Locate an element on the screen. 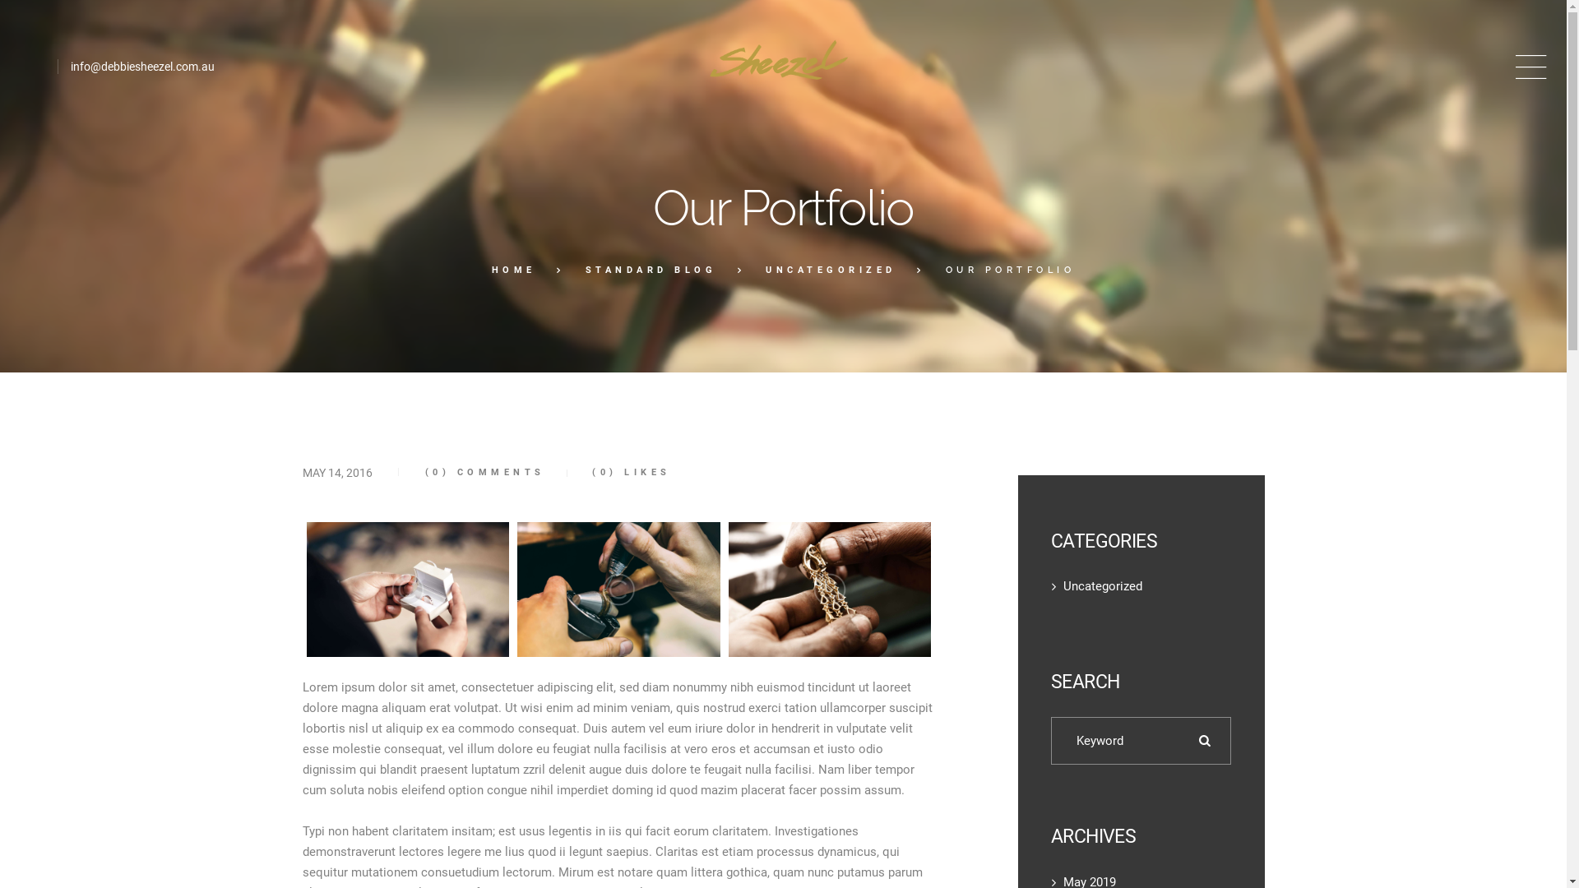  'Uncategorized' is located at coordinates (1102, 585).